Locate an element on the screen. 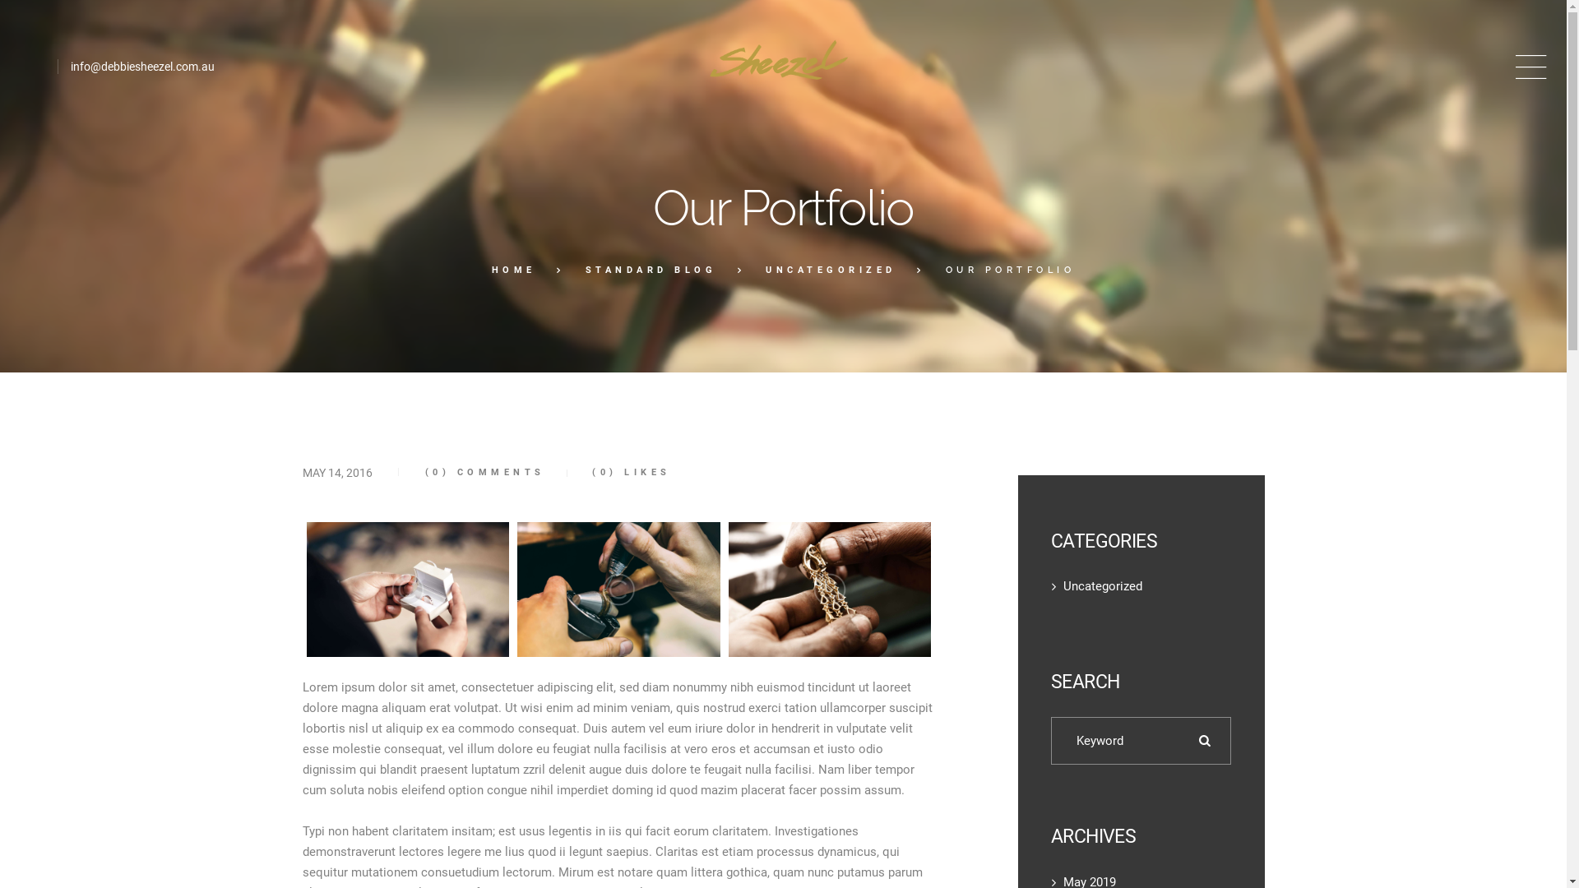  'Uncategorized' is located at coordinates (1102, 585).